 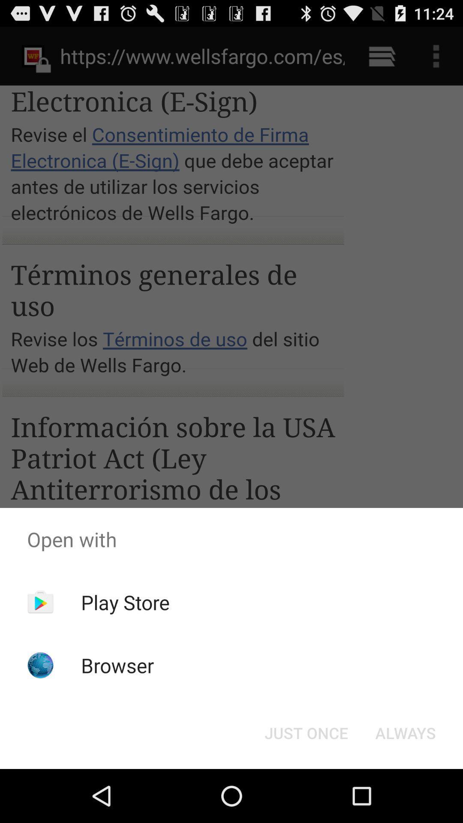 I want to click on the always at the bottom right corner, so click(x=405, y=732).